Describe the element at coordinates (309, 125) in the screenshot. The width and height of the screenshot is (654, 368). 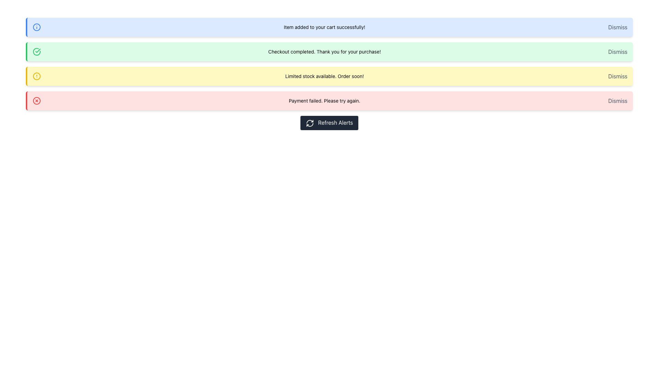
I see `the circular arrow icon within the 'Refresh Alerts' button, which visually represents a refresh action` at that location.